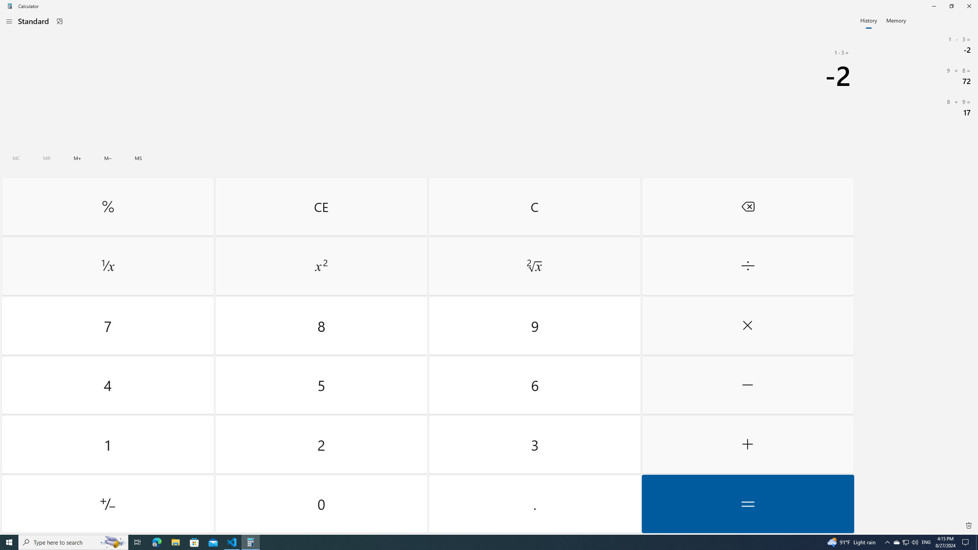  I want to click on 'Restore Calculator', so click(951, 6).